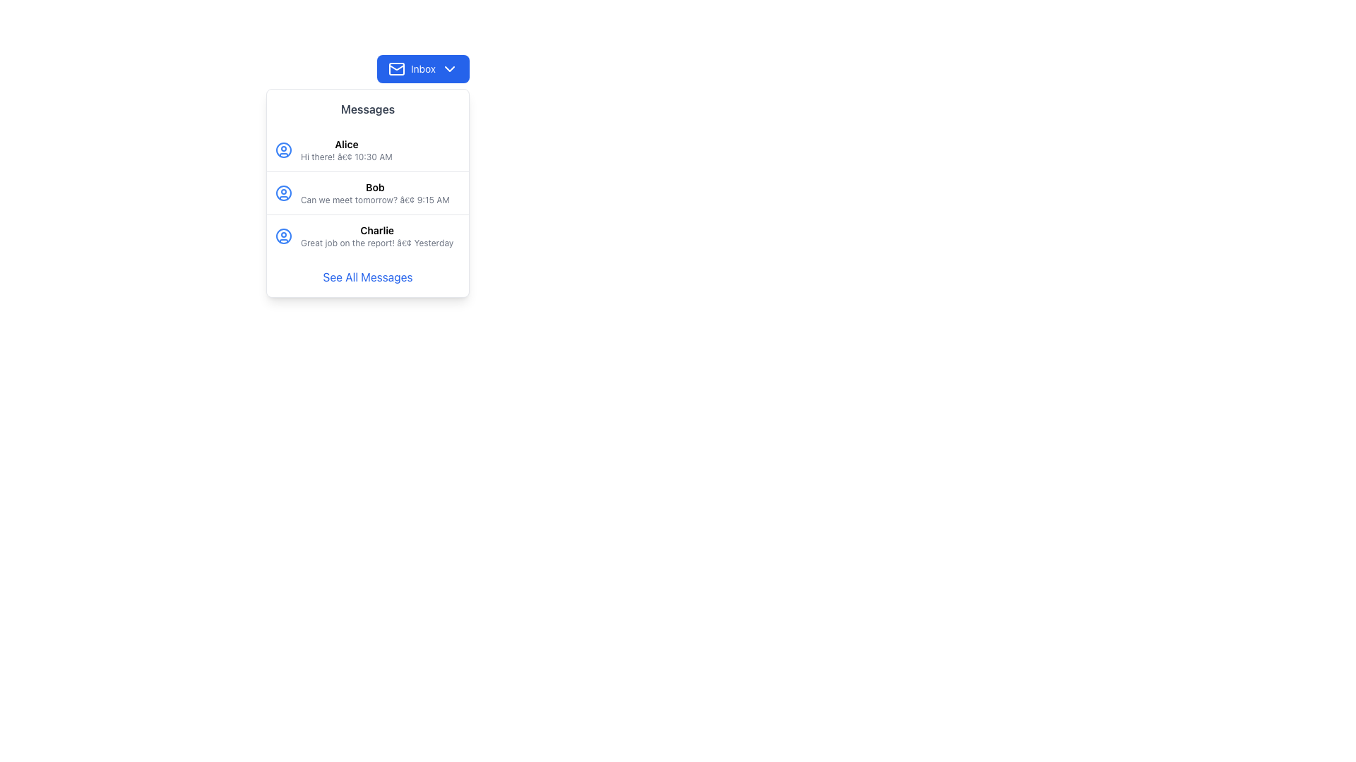  Describe the element at coordinates (377, 236) in the screenshot. I see `the message preview item from user 'Charlie' located in the third row of the 'Messages' section` at that location.